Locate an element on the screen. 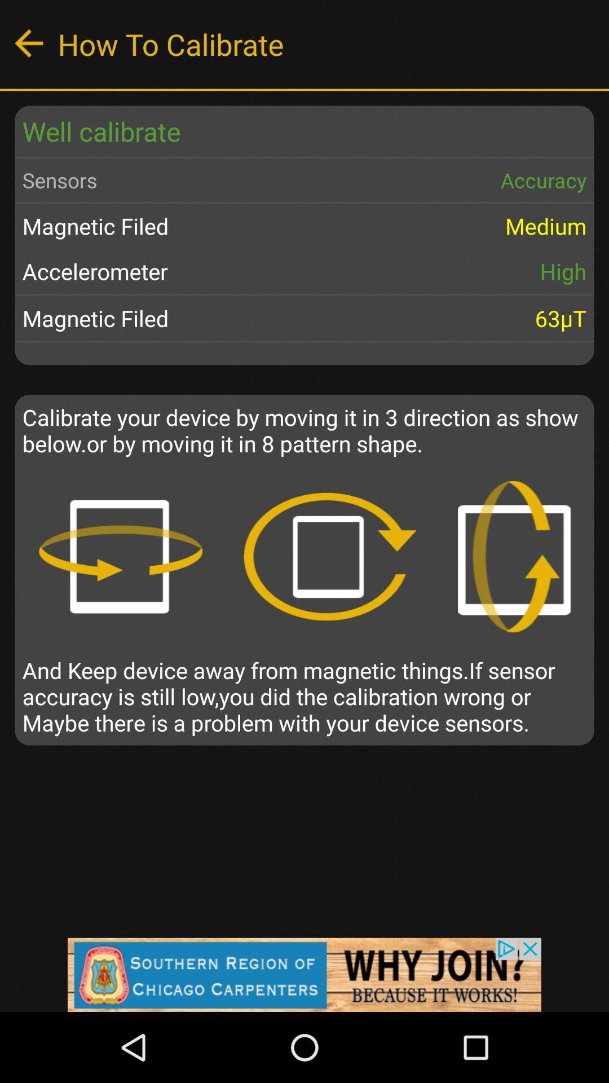  the arrow_backward icon is located at coordinates (28, 43).